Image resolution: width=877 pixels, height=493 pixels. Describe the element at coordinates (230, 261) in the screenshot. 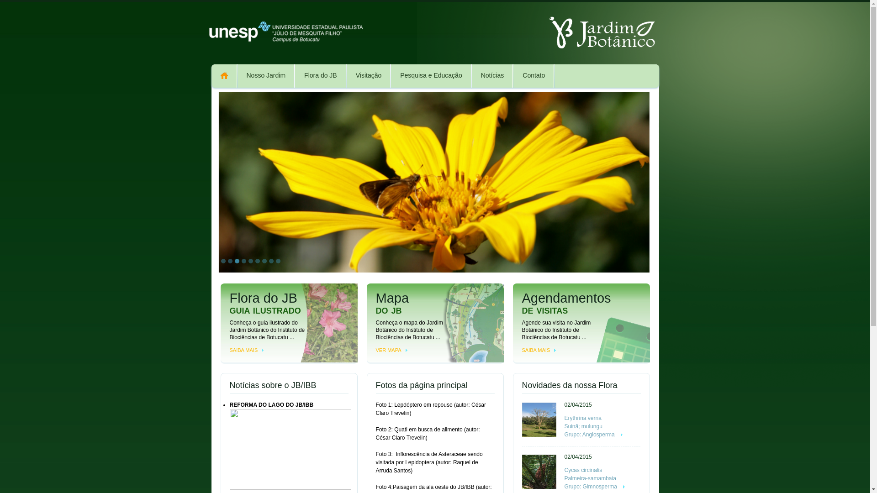

I see `'2'` at that location.